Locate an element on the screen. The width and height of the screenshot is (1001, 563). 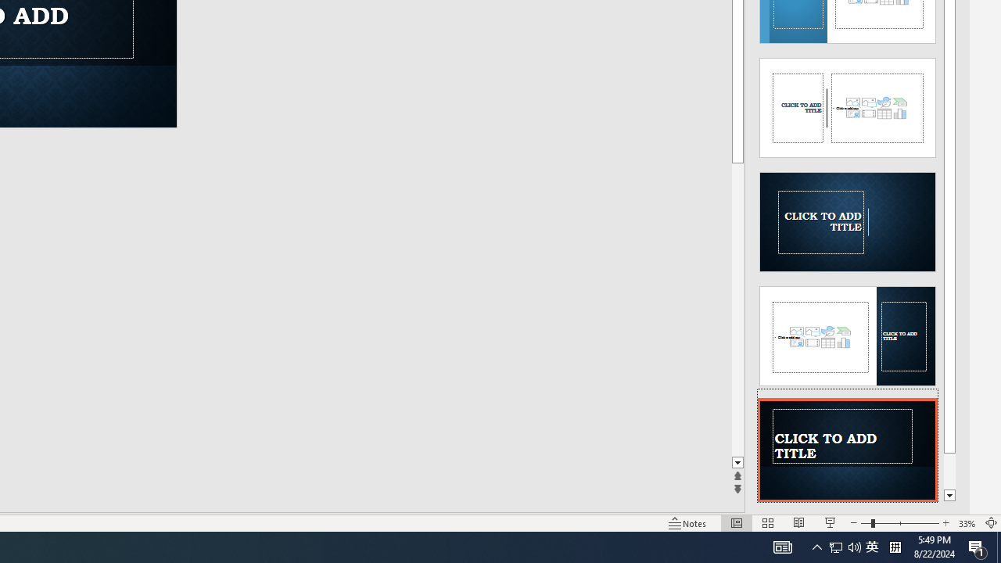
'Zoom 33%' is located at coordinates (967, 523).